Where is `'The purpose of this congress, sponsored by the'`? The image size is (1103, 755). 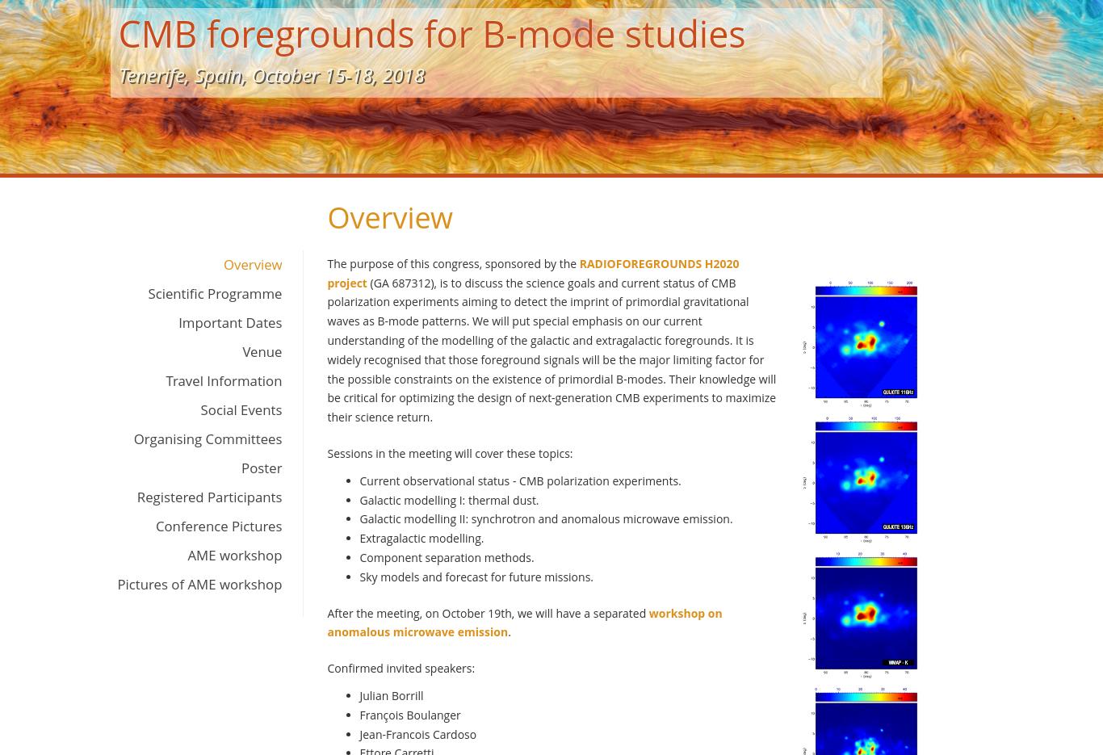
'The purpose of this congress, sponsored by the' is located at coordinates (453, 262).